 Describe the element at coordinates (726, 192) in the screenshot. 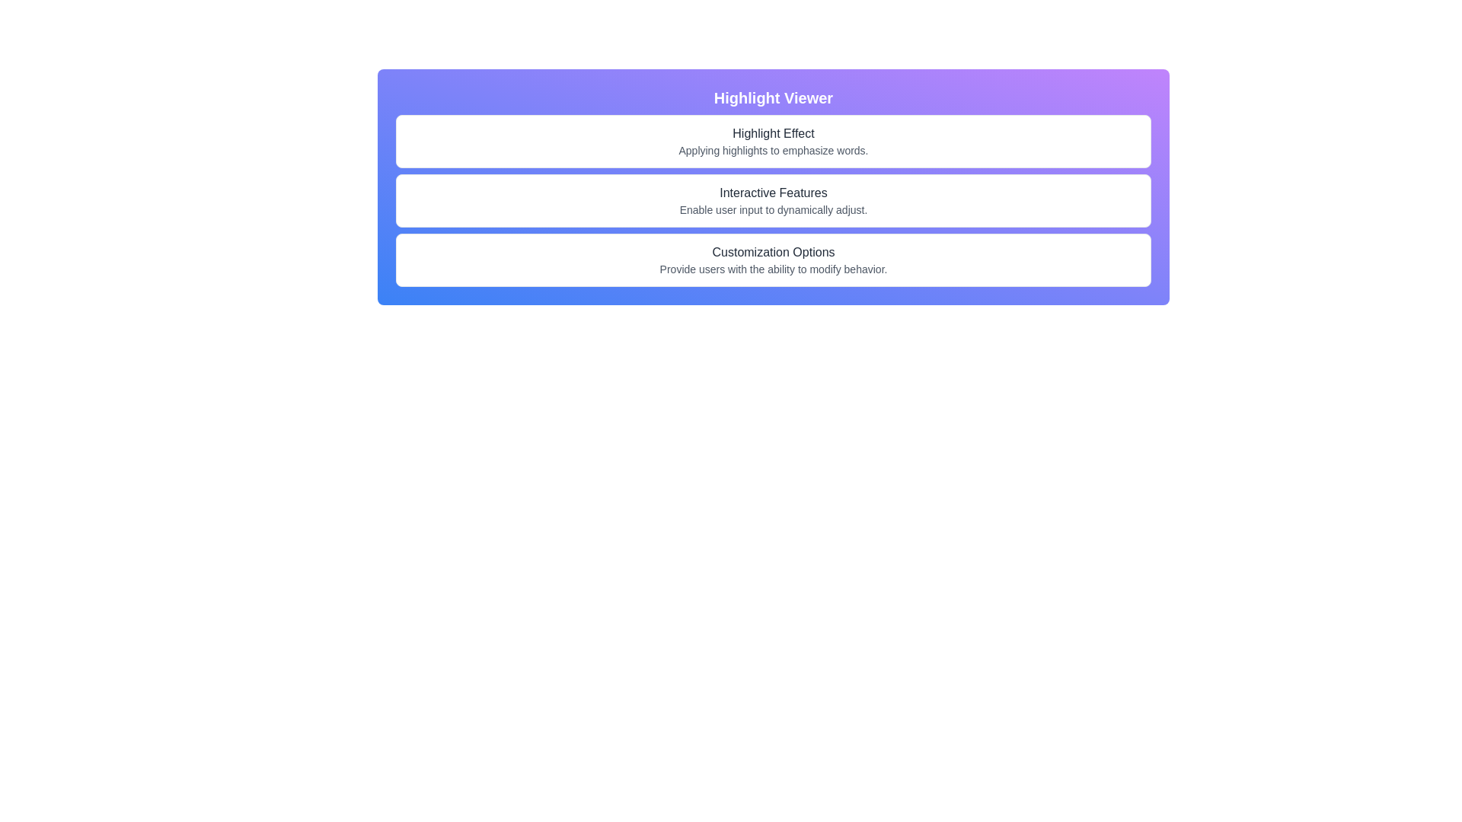

I see `the underlined character 'n' in the text 'Interactive Features', which is the second character in the heading` at that location.